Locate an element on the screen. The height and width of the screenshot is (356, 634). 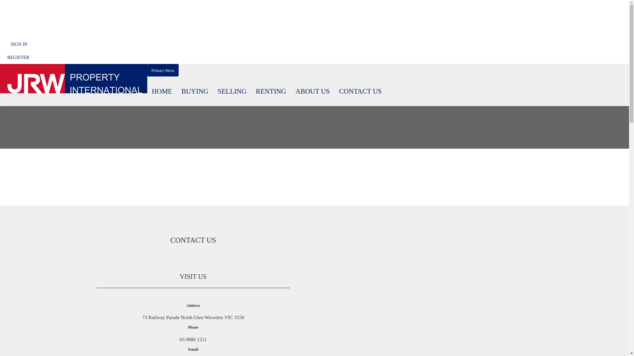
'RENTING' is located at coordinates (271, 91).